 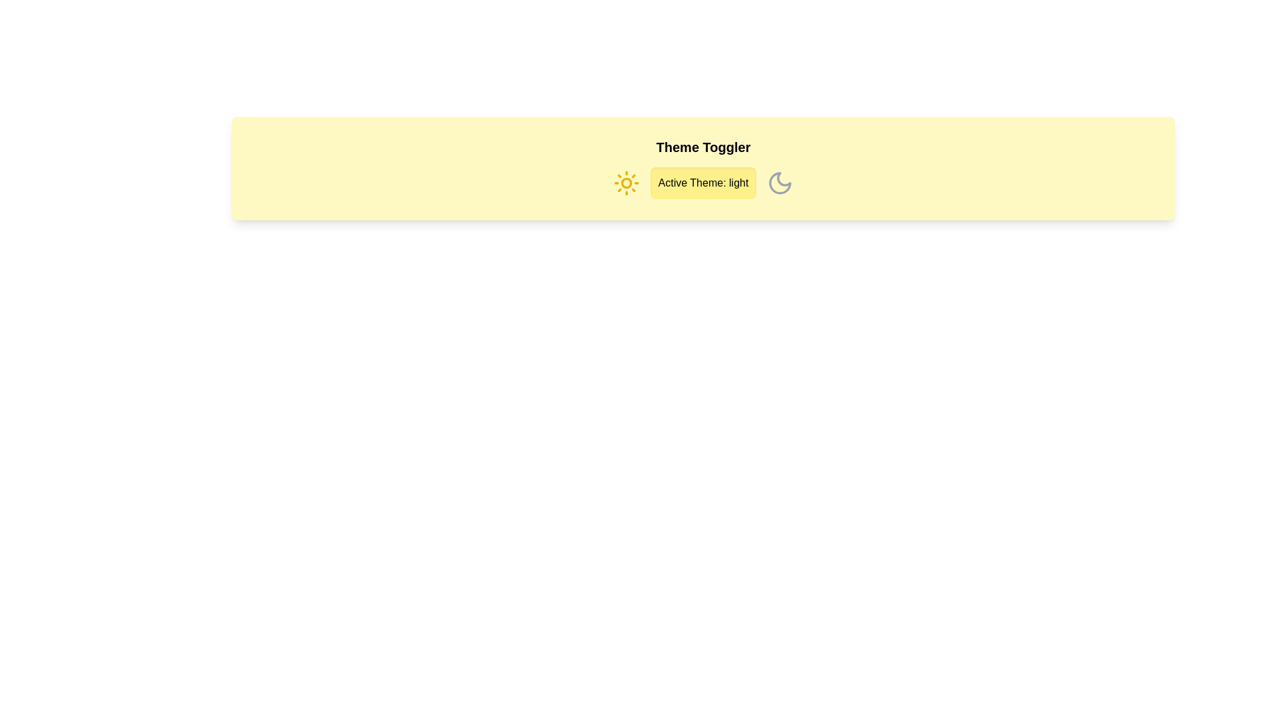 I want to click on the moon icon to set the theme to dark, so click(x=780, y=183).